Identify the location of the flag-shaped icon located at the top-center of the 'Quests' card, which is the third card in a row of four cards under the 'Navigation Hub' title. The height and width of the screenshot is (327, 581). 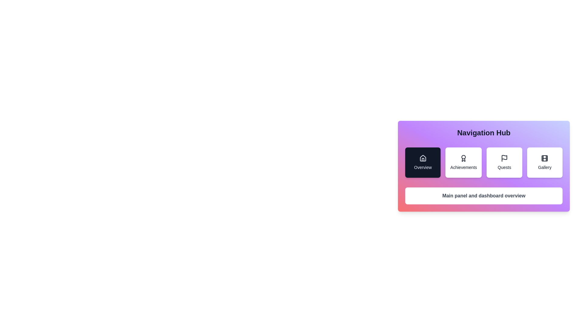
(504, 158).